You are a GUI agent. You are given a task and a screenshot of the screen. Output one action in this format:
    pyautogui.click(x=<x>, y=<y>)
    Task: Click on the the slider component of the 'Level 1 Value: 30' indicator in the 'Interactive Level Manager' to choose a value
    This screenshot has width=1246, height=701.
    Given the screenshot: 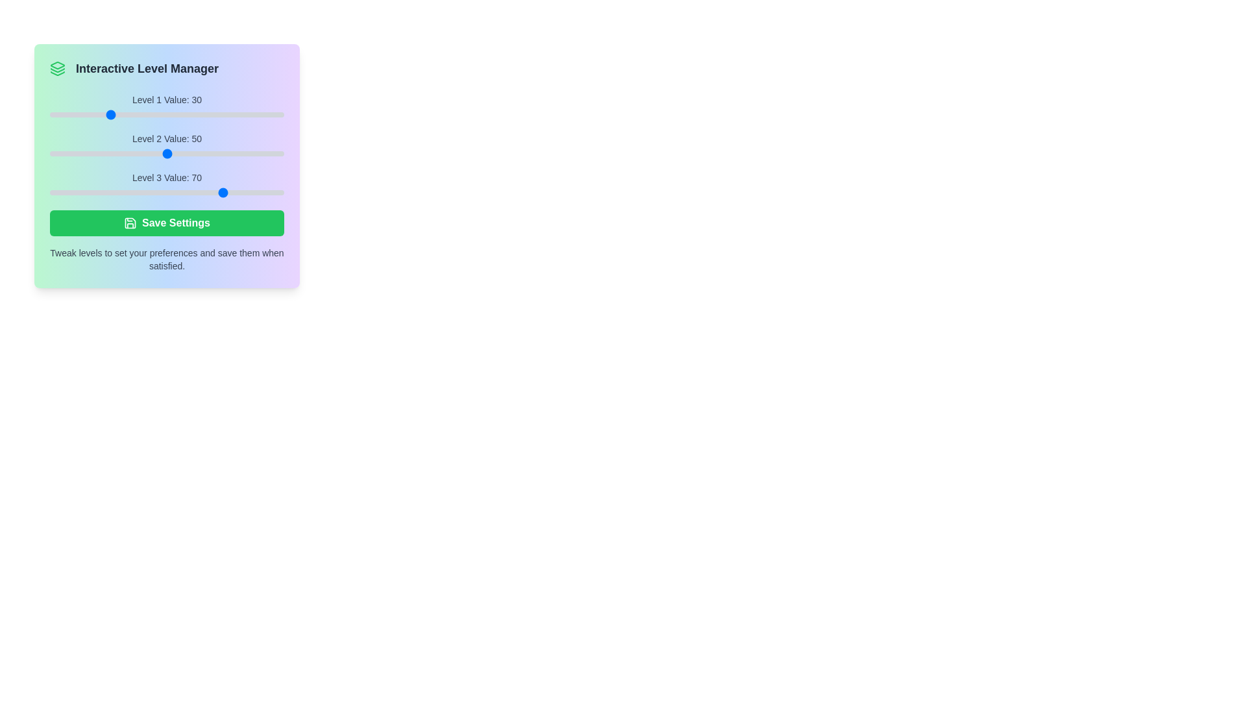 What is the action you would take?
    pyautogui.click(x=166, y=106)
    